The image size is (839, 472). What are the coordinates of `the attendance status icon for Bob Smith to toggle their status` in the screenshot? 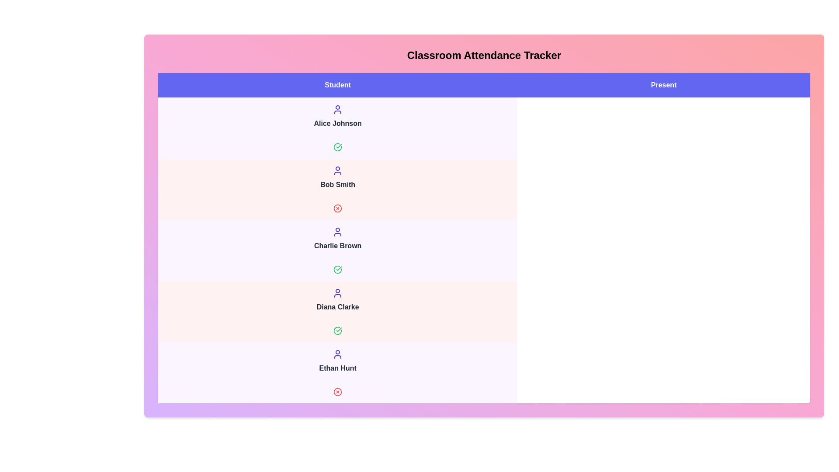 It's located at (337, 208).